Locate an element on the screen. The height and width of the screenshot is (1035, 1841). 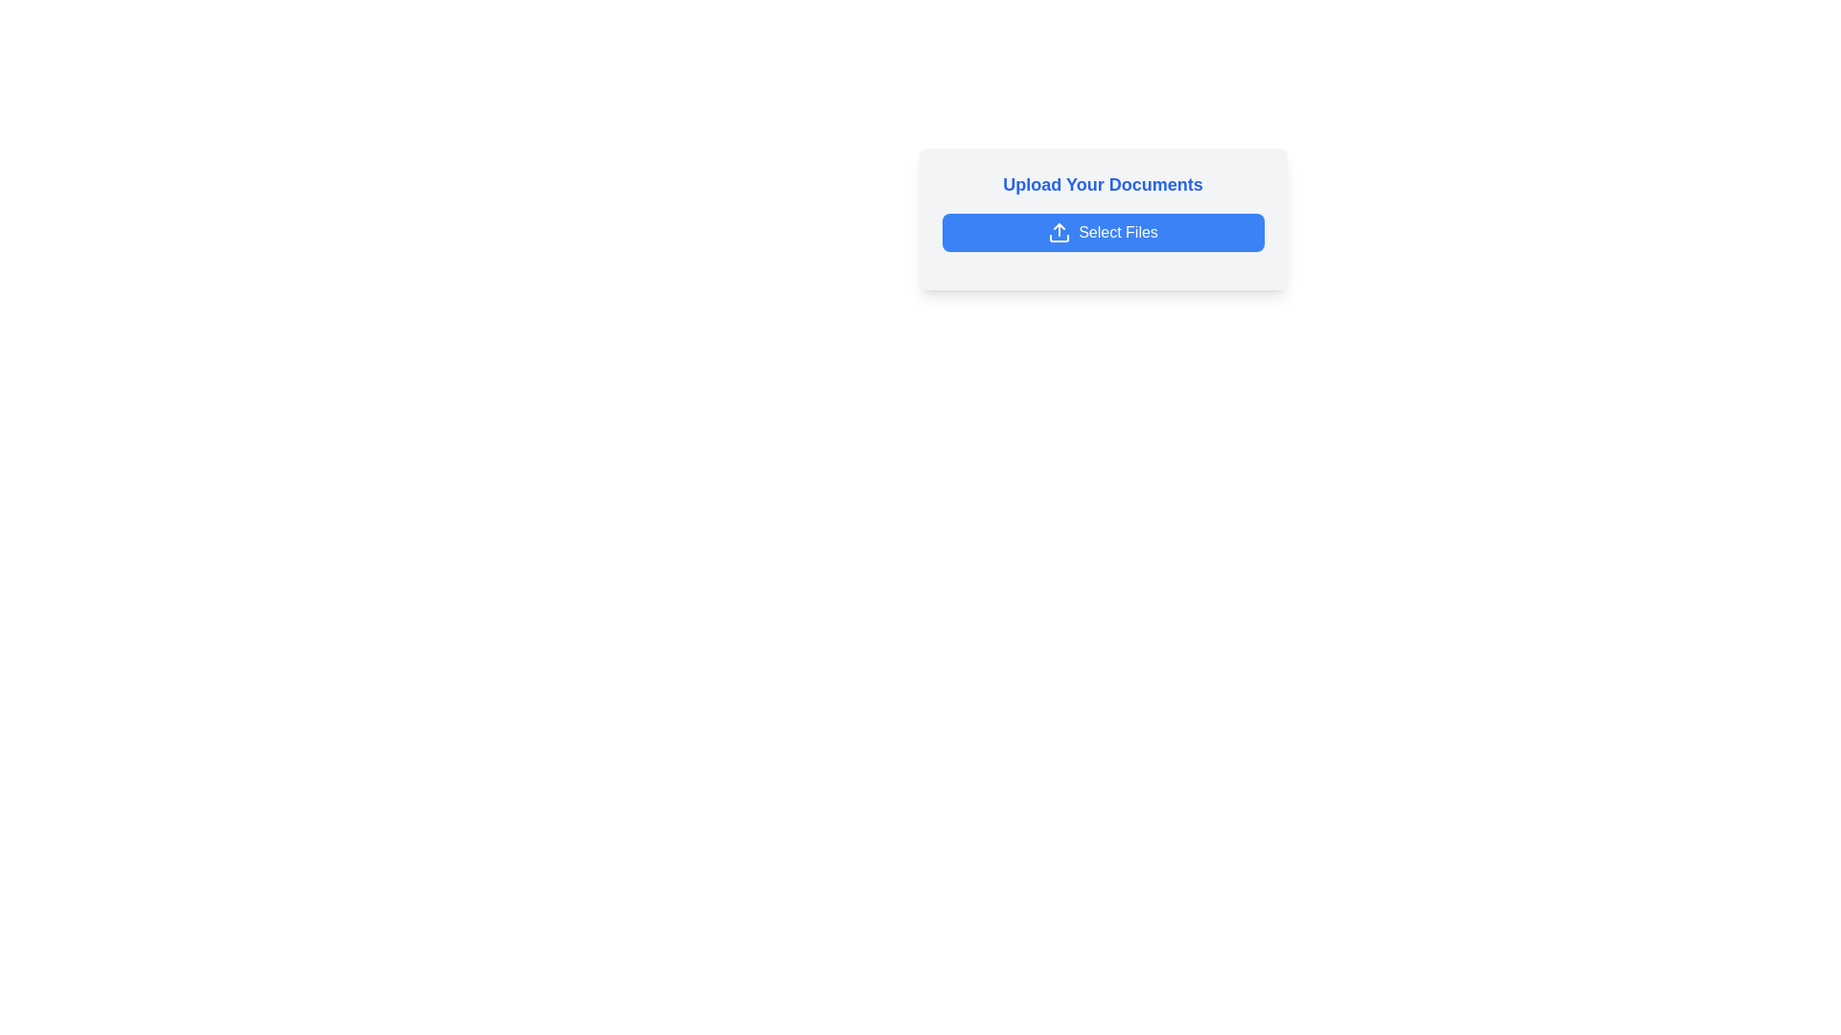
the 'Select Files' button with a blue background and white text to change its background color is located at coordinates (1103, 232).